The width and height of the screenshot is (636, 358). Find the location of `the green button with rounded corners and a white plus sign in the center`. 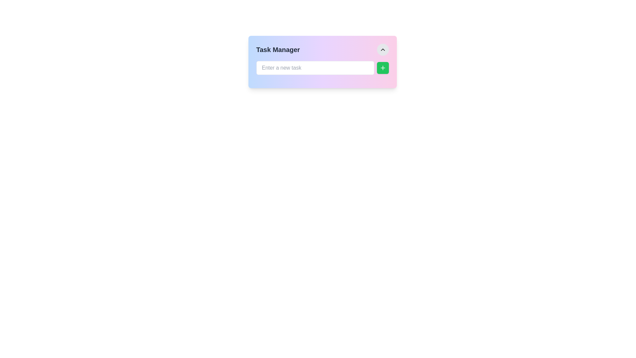

the green button with rounded corners and a white plus sign in the center is located at coordinates (383, 68).